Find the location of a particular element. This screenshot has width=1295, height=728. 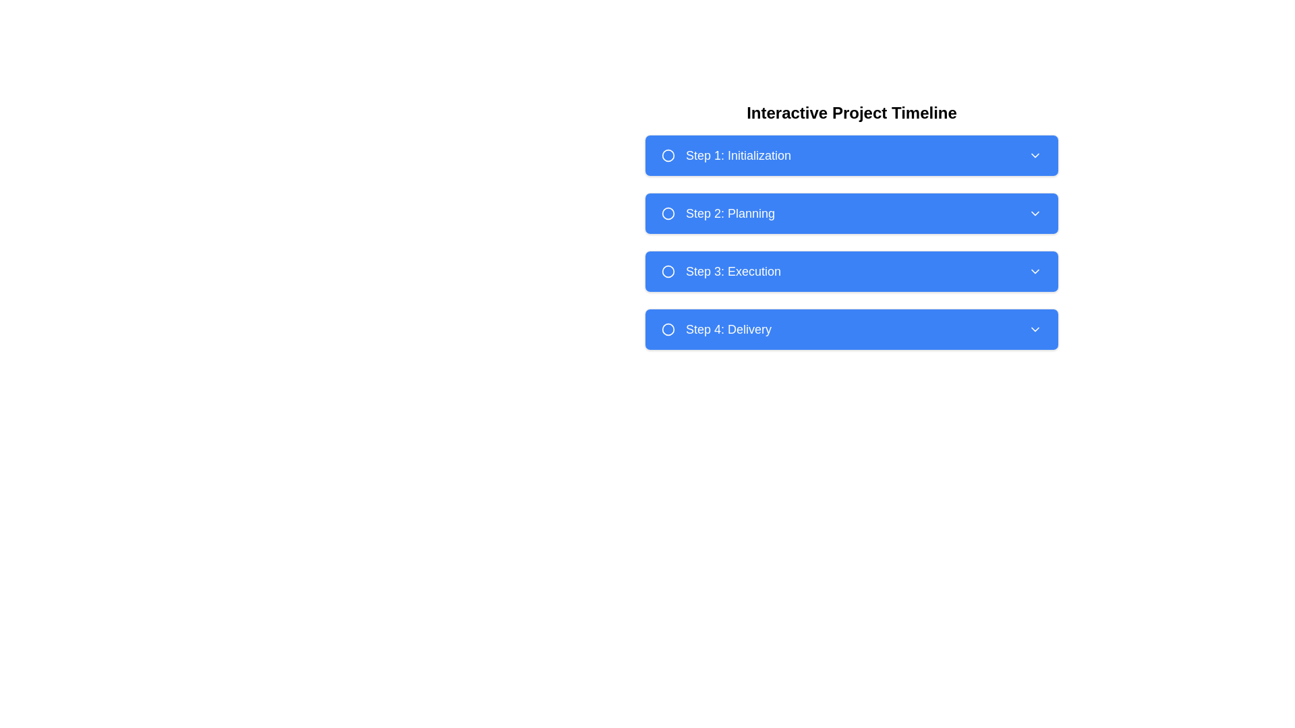

the Chevron Down icon which serves as an interactive control for expanding or collapsing the 'Step 2: Planning' section of the timeline is located at coordinates (1035, 212).